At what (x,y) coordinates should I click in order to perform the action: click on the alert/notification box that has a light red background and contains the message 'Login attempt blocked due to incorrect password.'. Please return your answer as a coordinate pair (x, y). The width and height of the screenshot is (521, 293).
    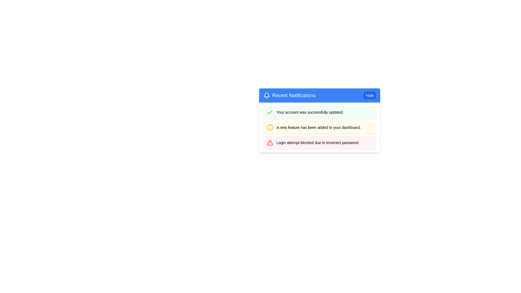
    Looking at the image, I should click on (319, 142).